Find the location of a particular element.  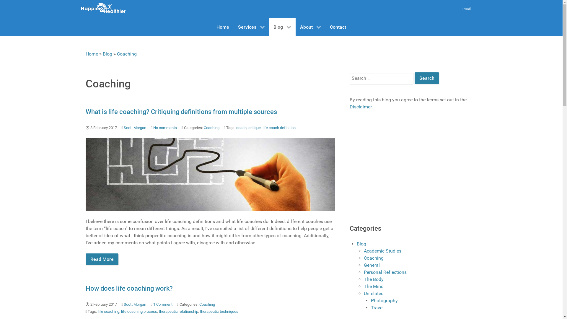

'therapeutic relationship' is located at coordinates (178, 311).